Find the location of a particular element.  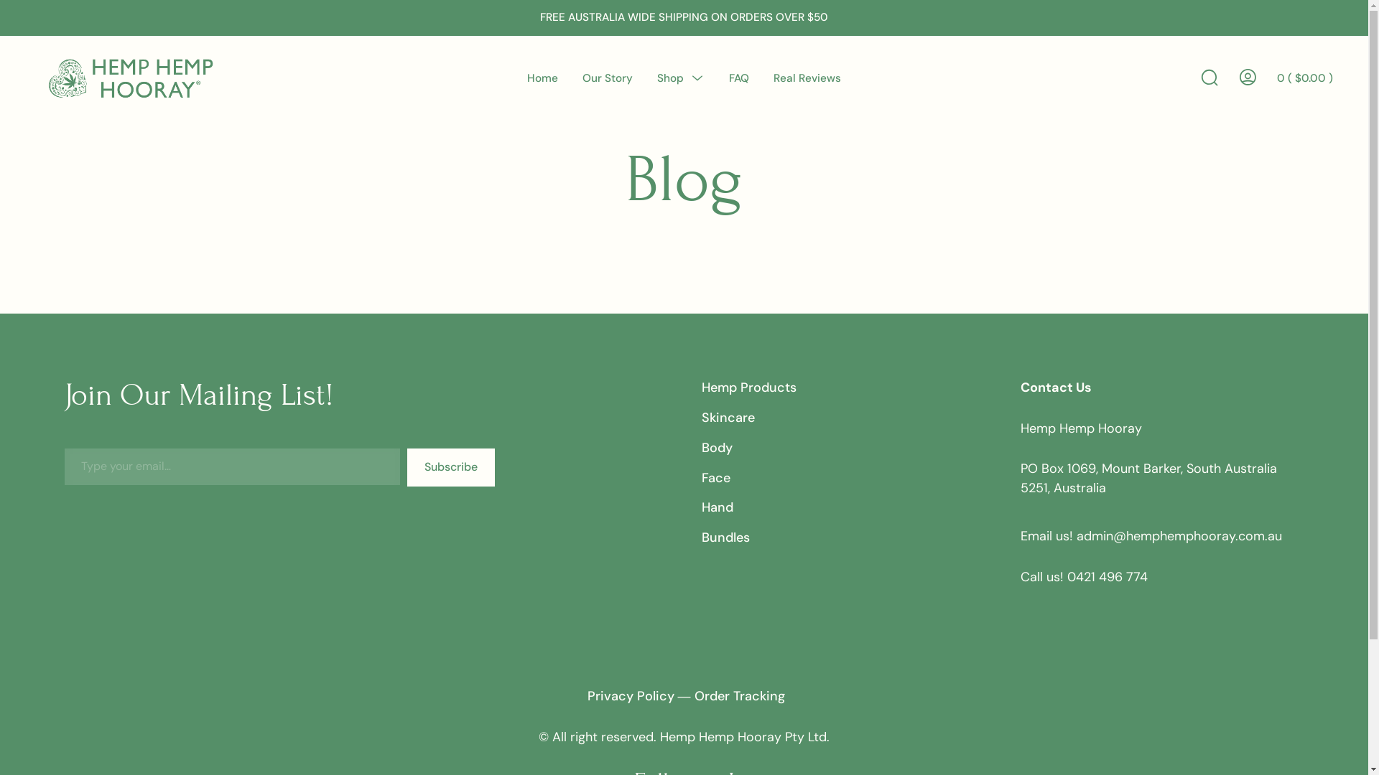

'Shop' is located at coordinates (669, 77).